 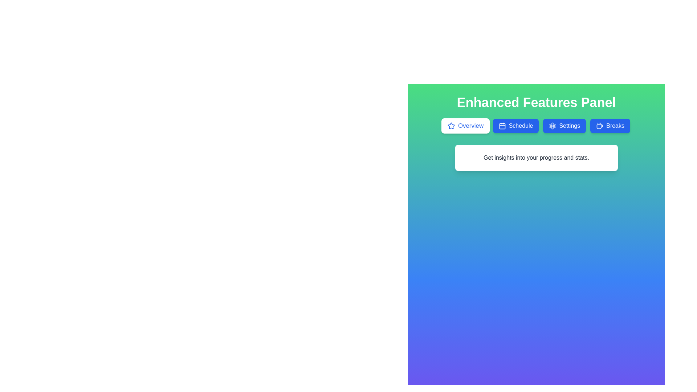 What do you see at coordinates (552, 126) in the screenshot?
I see `the Icon button located as the third item in a horizontal row of buttons, positioned between the 'Schedule' and 'Breaks' buttons` at bounding box center [552, 126].